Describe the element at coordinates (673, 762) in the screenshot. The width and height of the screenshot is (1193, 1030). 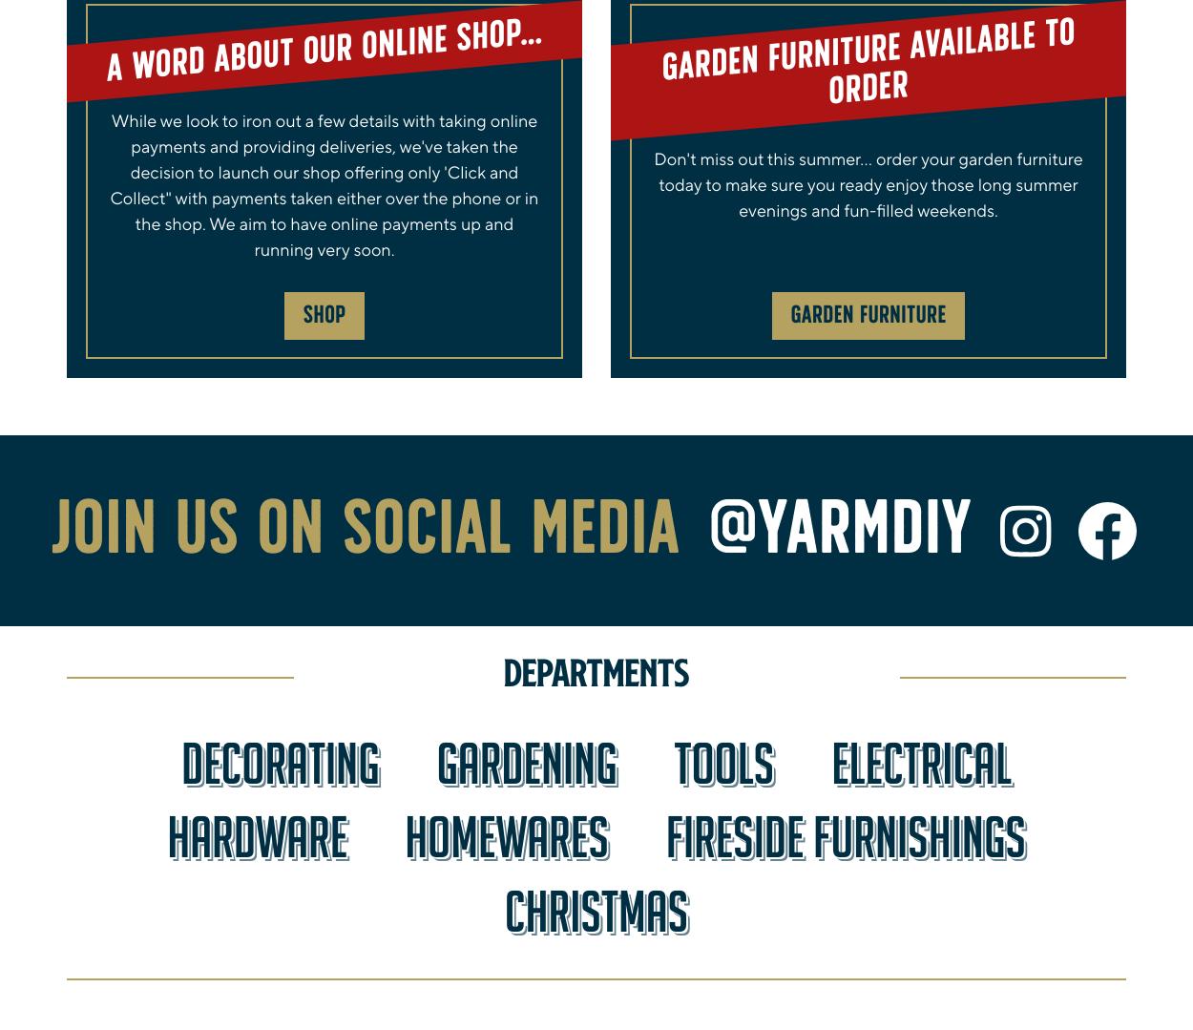
I see `'Tools'` at that location.